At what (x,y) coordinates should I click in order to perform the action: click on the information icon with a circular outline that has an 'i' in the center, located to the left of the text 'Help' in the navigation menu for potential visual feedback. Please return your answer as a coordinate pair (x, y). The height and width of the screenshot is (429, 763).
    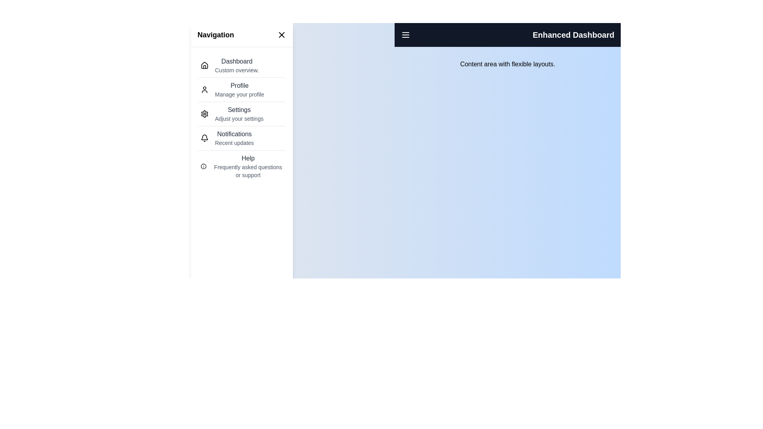
    Looking at the image, I should click on (203, 166).